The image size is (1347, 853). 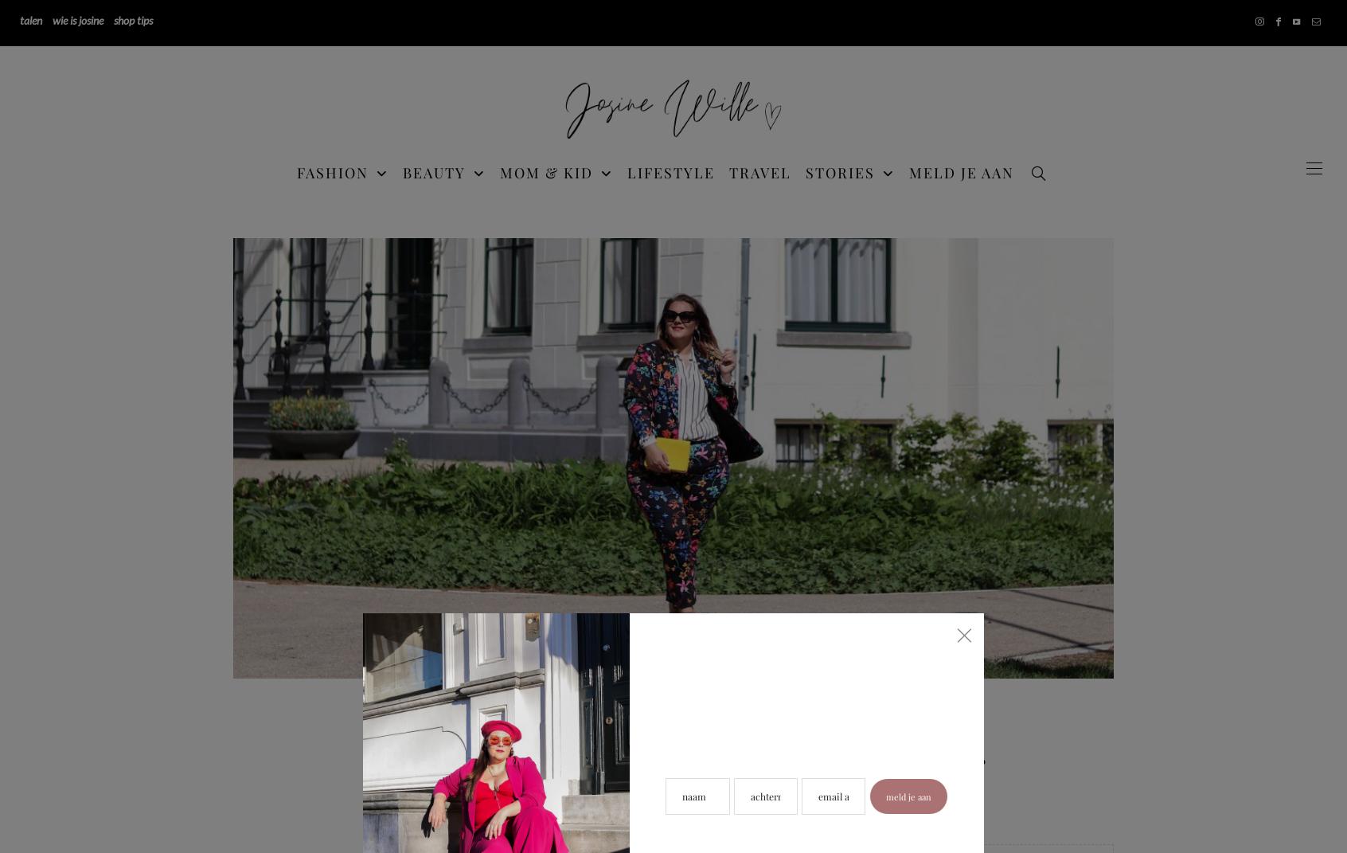 I want to click on 'REVIEWS', so click(x=1038, y=335).